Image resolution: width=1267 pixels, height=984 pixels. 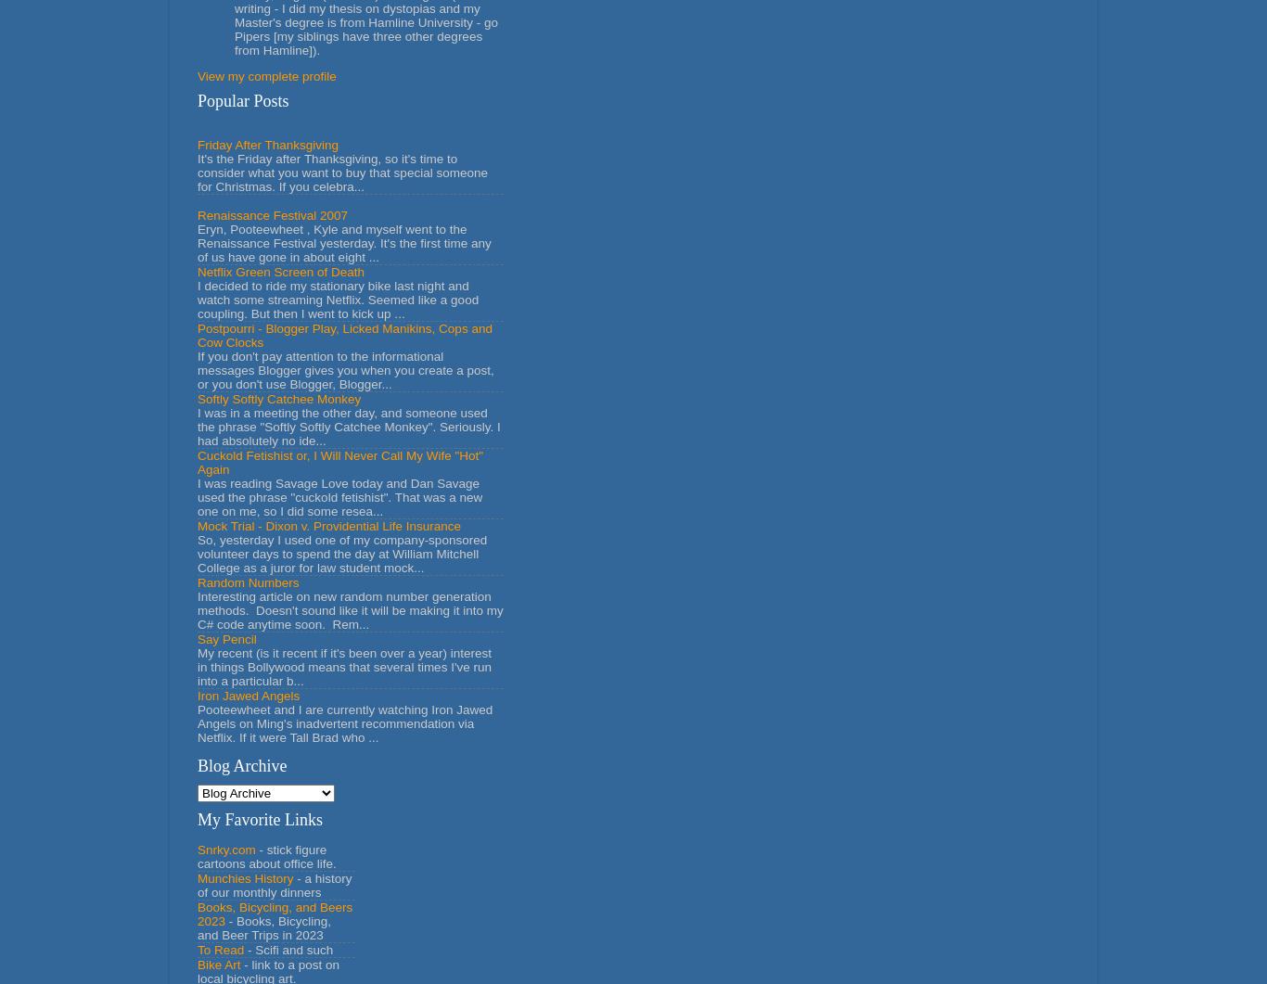 I want to click on 'Cuckold Fetishist or, I Will Never Call My Wife "Hot" Again', so click(x=339, y=462).